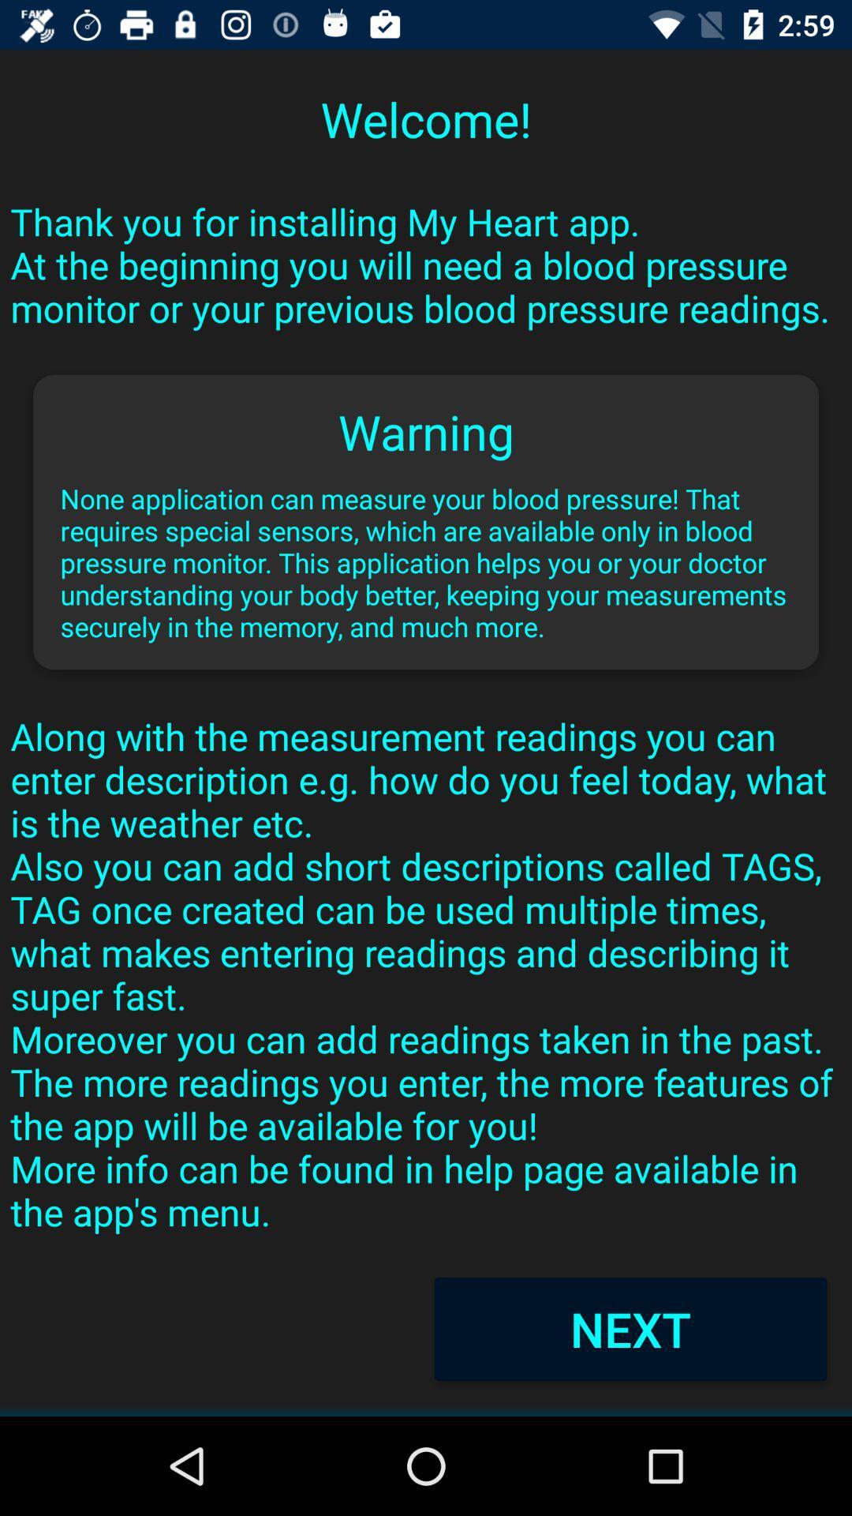 The height and width of the screenshot is (1516, 852). What do you see at coordinates (630, 1328) in the screenshot?
I see `next item` at bounding box center [630, 1328].